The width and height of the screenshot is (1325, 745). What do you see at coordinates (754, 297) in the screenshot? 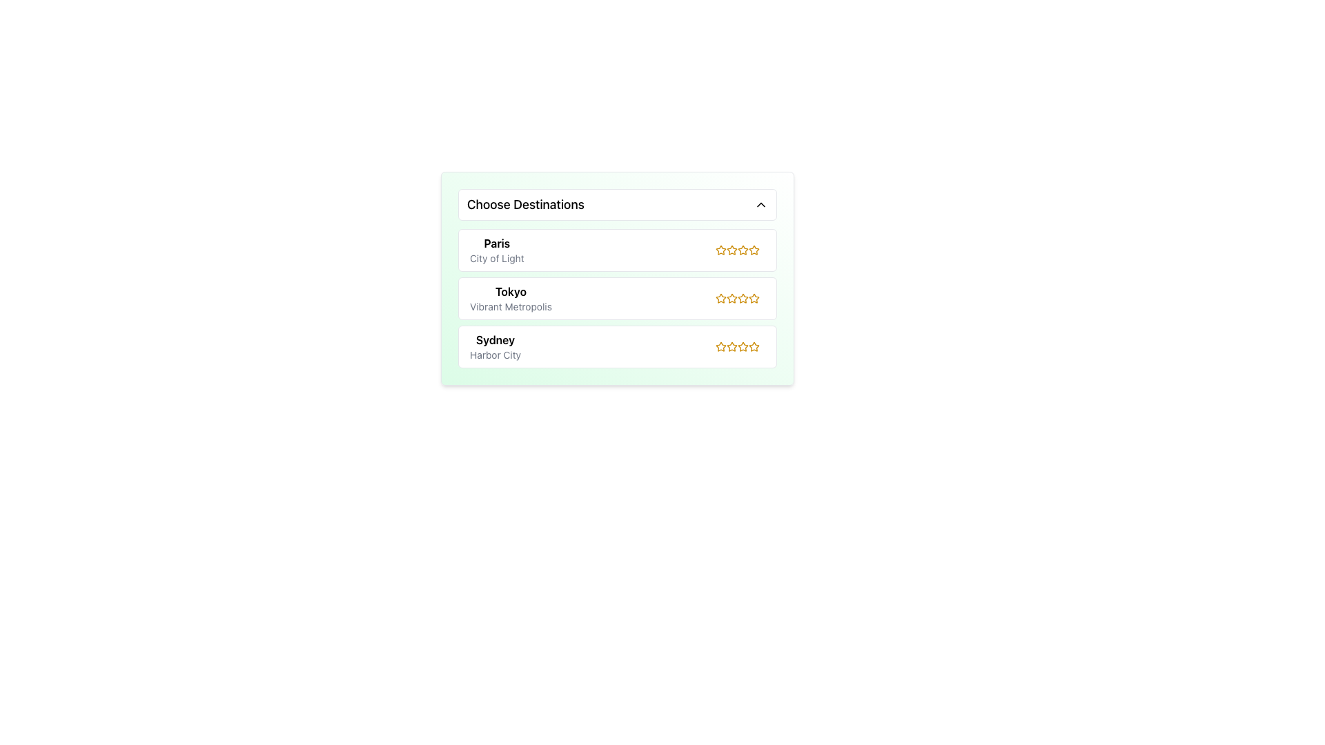
I see `the third star-shaped rating icon with a gold outline to rate 'Tokyo'` at bounding box center [754, 297].